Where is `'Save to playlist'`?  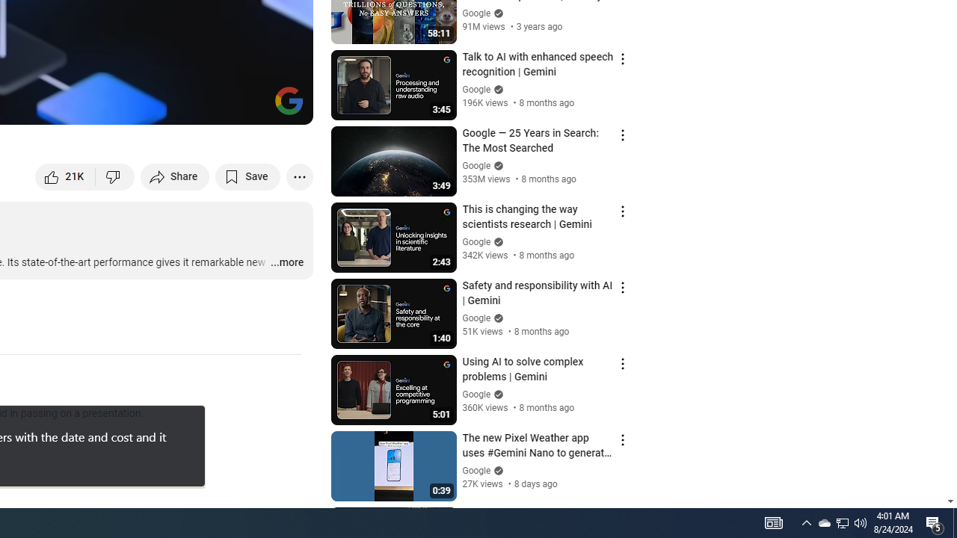
'Save to playlist' is located at coordinates (247, 176).